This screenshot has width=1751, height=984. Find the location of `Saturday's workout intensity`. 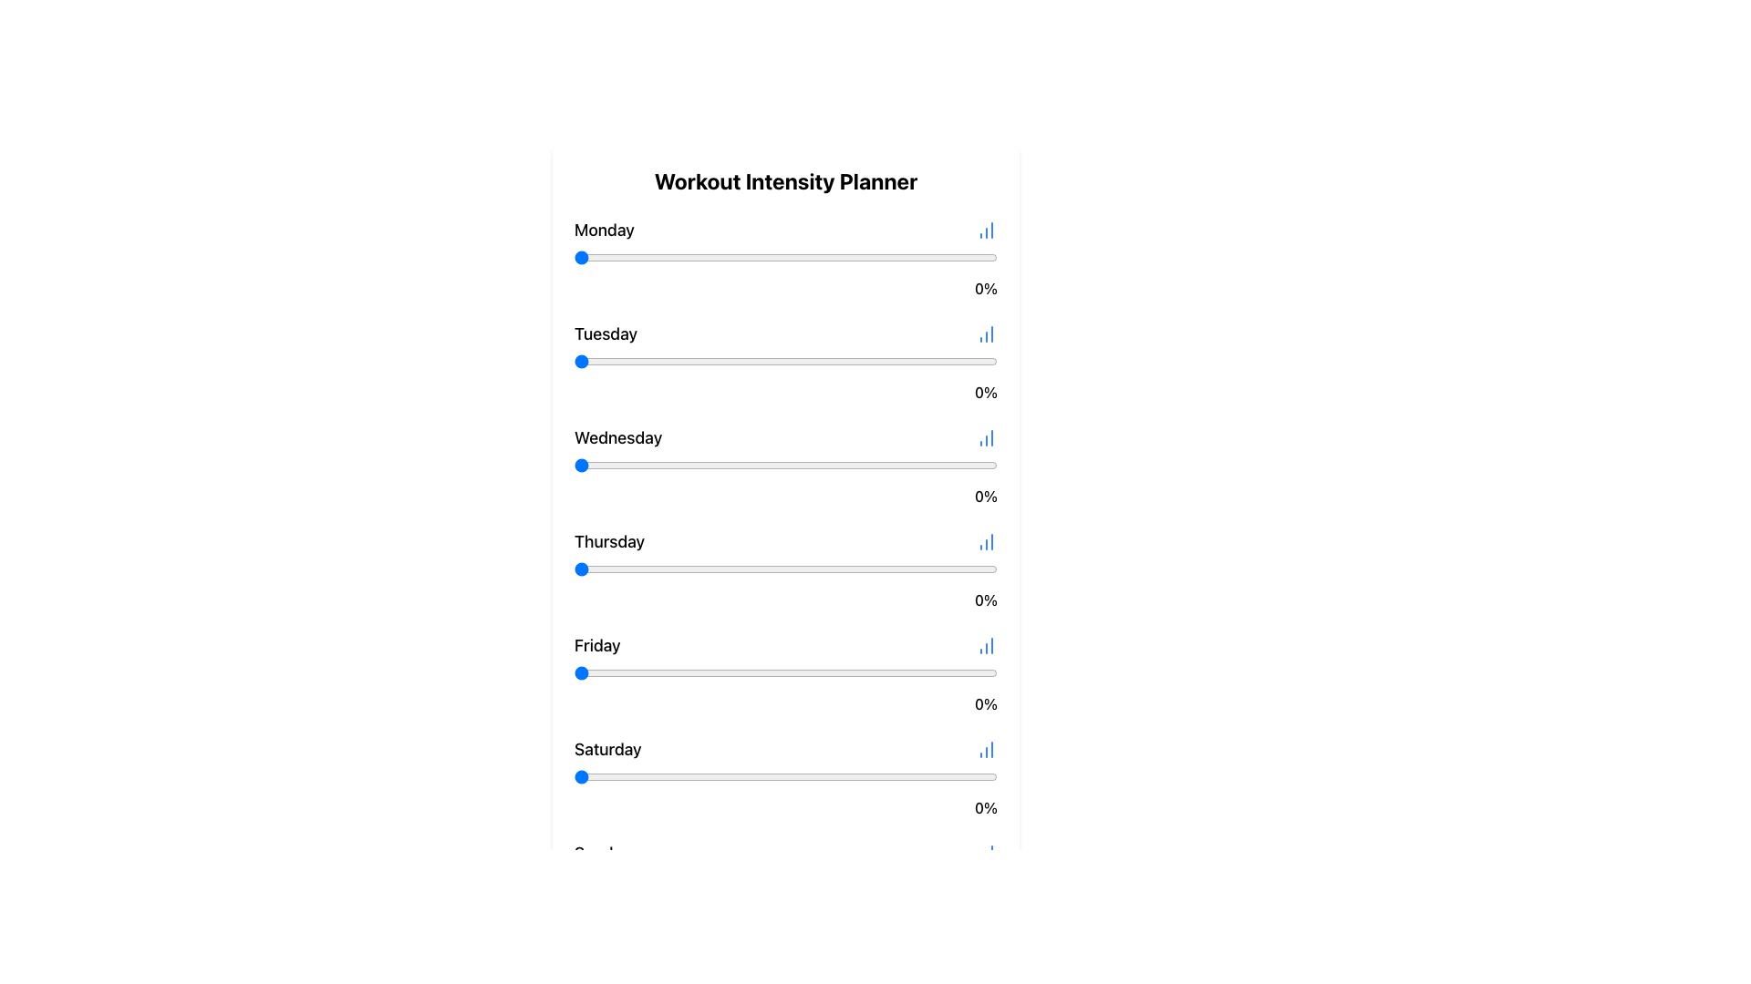

Saturday's workout intensity is located at coordinates (848, 776).